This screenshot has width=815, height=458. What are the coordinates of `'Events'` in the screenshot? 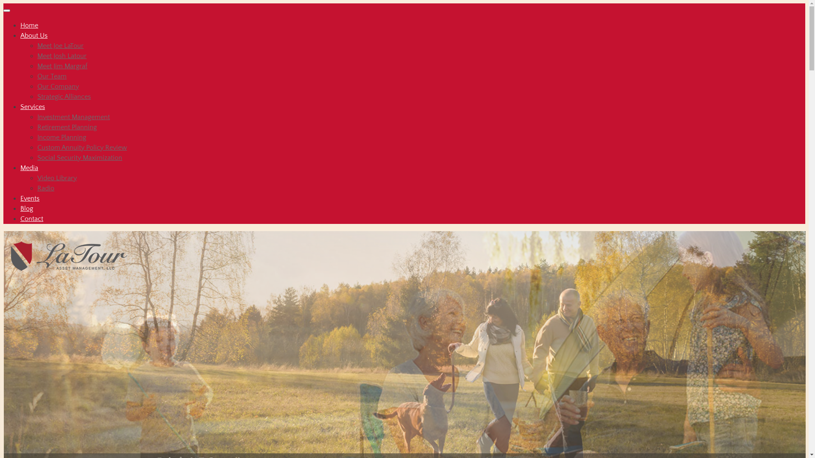 It's located at (30, 198).